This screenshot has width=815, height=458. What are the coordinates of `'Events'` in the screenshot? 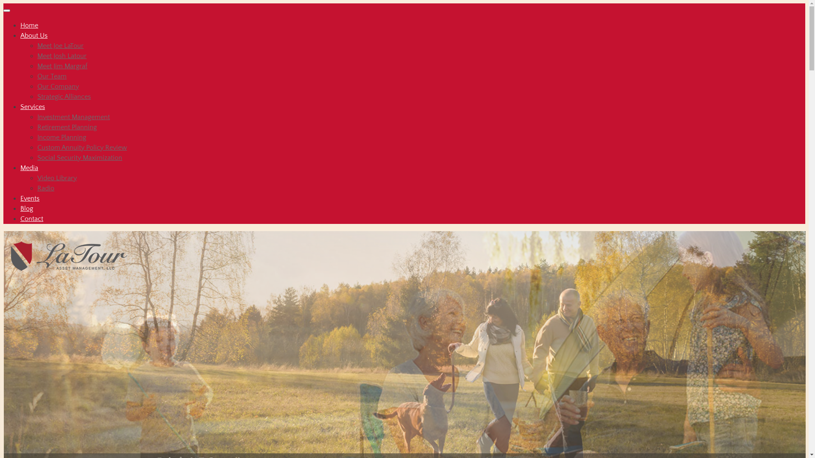 It's located at (30, 198).